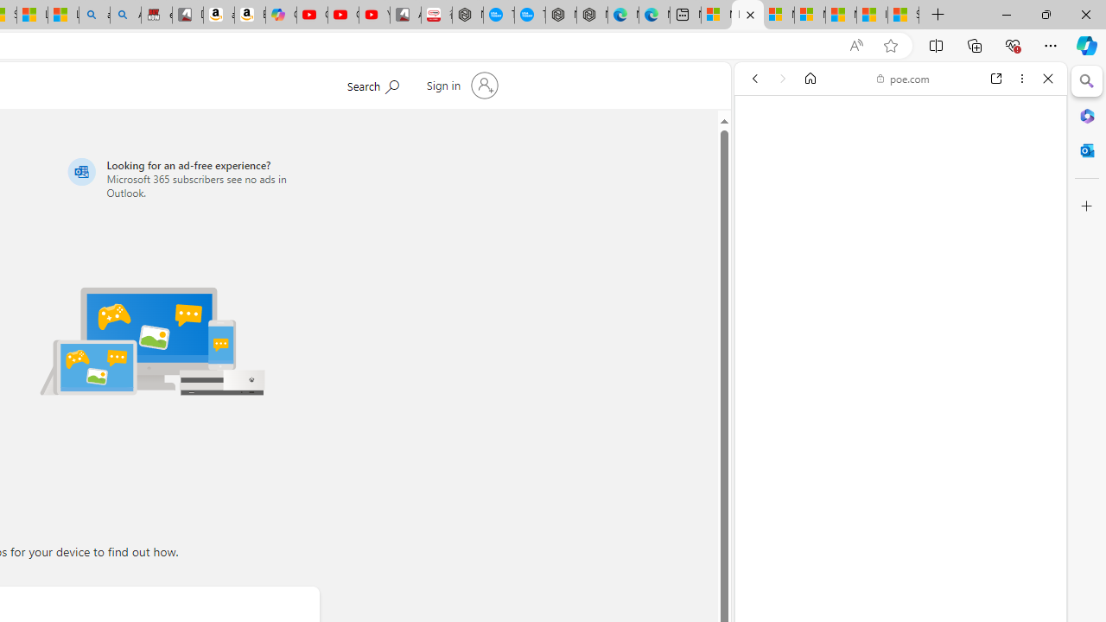 The width and height of the screenshot is (1106, 622). What do you see at coordinates (1086, 206) in the screenshot?
I see `'Customize'` at bounding box center [1086, 206].